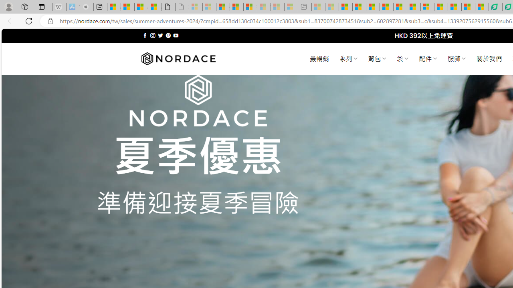  Describe the element at coordinates (386, 7) in the screenshot. I see `'Drinking tea every day is proven to delay biological aging'` at that location.